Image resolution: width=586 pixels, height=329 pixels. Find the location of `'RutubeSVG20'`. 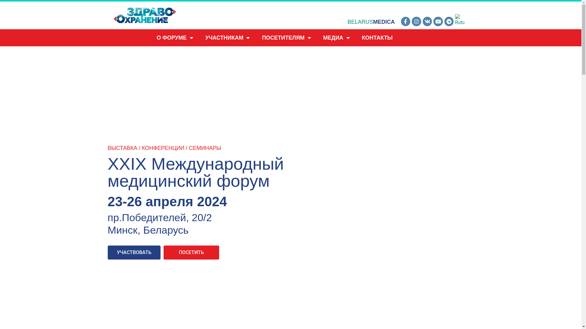

'RutubeSVG20' is located at coordinates (460, 19).